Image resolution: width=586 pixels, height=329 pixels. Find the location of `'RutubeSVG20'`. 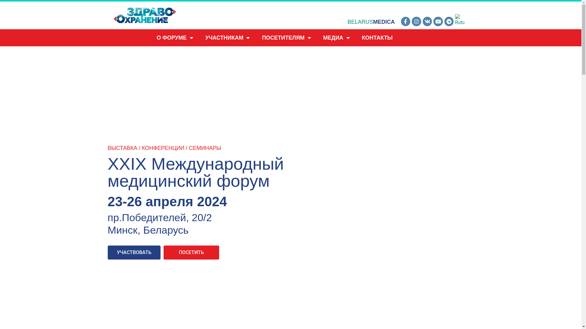

'RutubeSVG20' is located at coordinates (460, 19).